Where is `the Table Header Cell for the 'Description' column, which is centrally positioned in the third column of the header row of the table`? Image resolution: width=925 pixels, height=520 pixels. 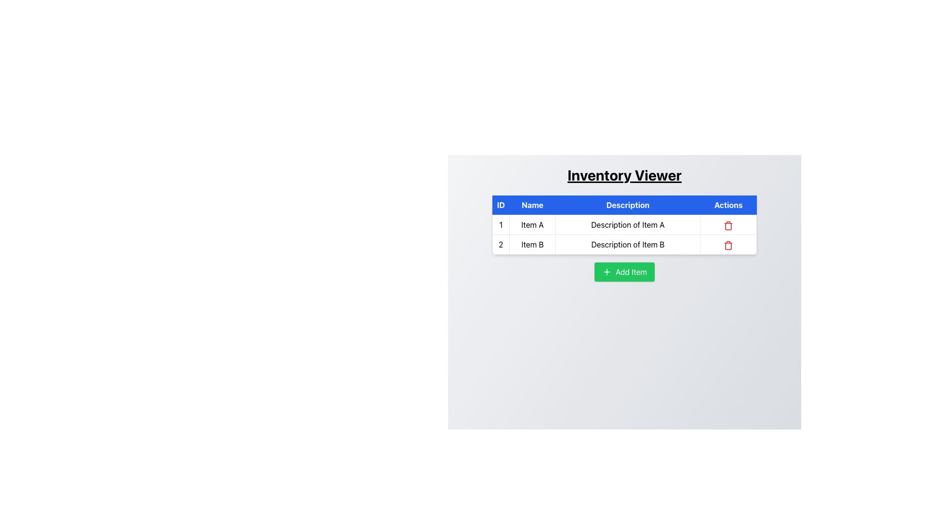
the Table Header Cell for the 'Description' column, which is centrally positioned in the third column of the header row of the table is located at coordinates (628, 205).